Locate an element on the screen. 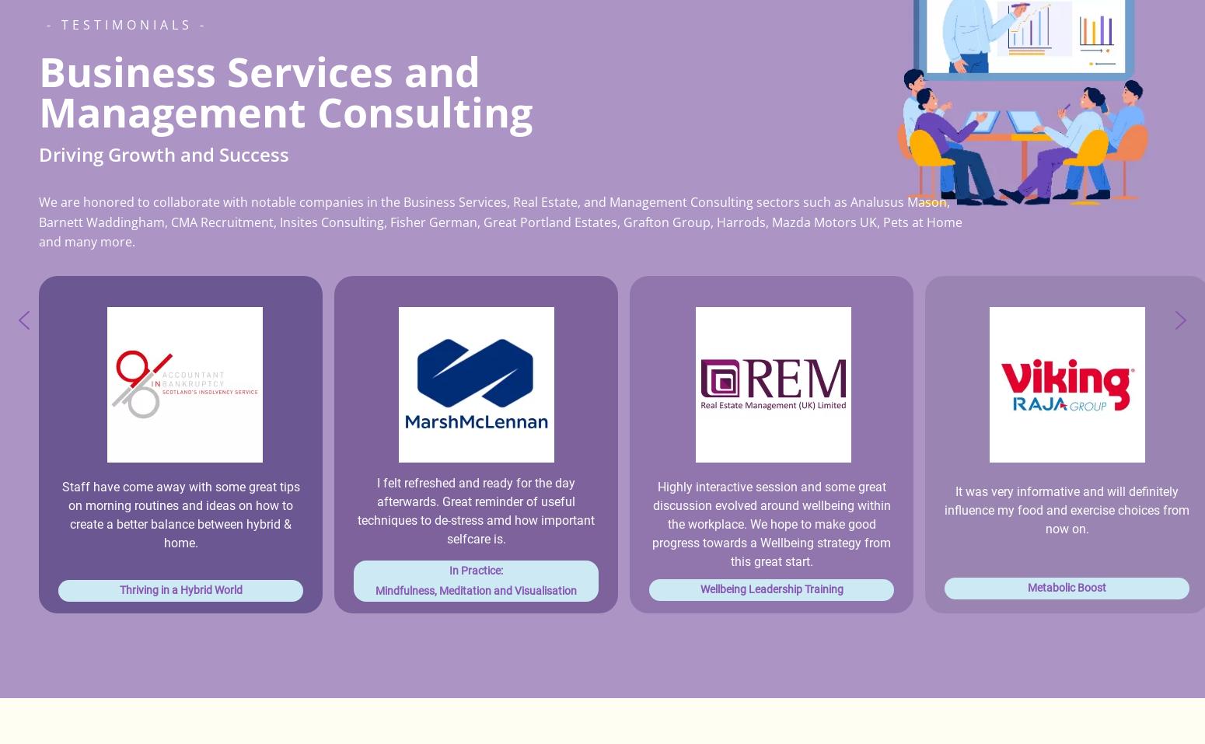 The height and width of the screenshot is (744, 1205). '- Testimonials -' is located at coordinates (45, 23).